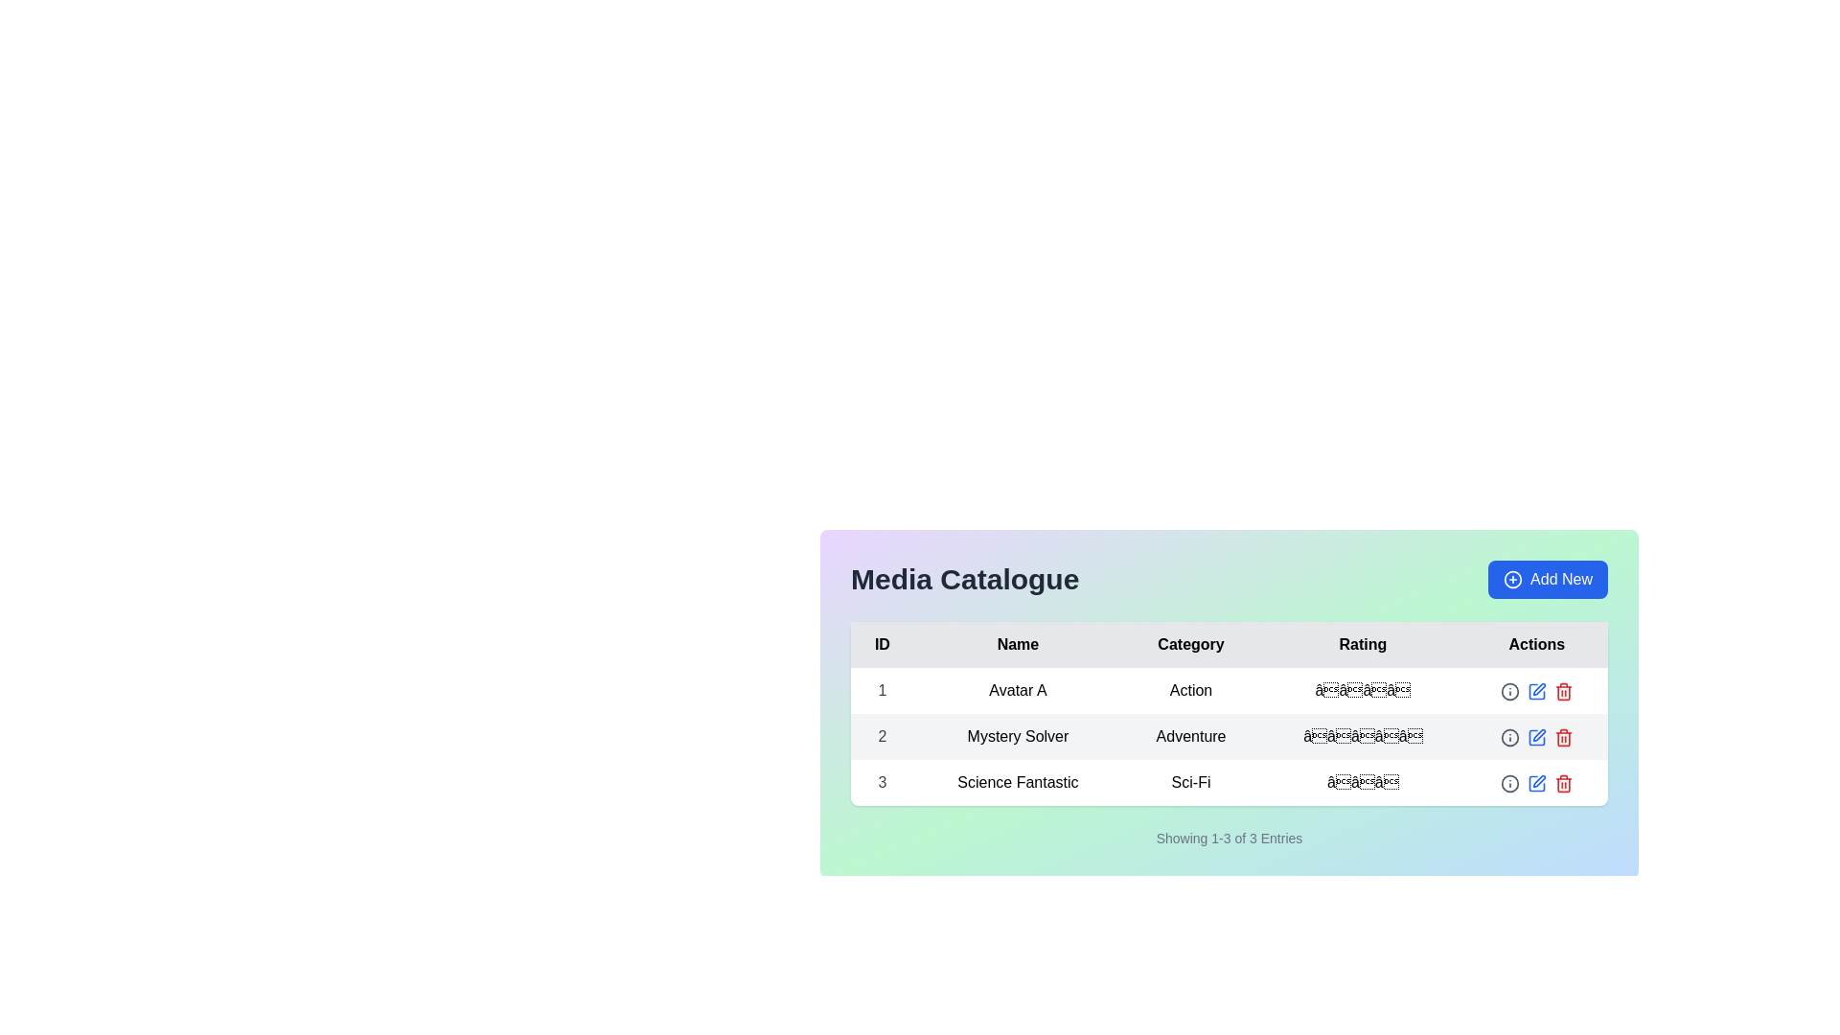 Image resolution: width=1840 pixels, height=1035 pixels. What do you see at coordinates (1536, 735) in the screenshot?
I see `the edit icon in the 'Actions' column of the table row associated with the entry titled 'Mystery Solver' to modify the entry` at bounding box center [1536, 735].